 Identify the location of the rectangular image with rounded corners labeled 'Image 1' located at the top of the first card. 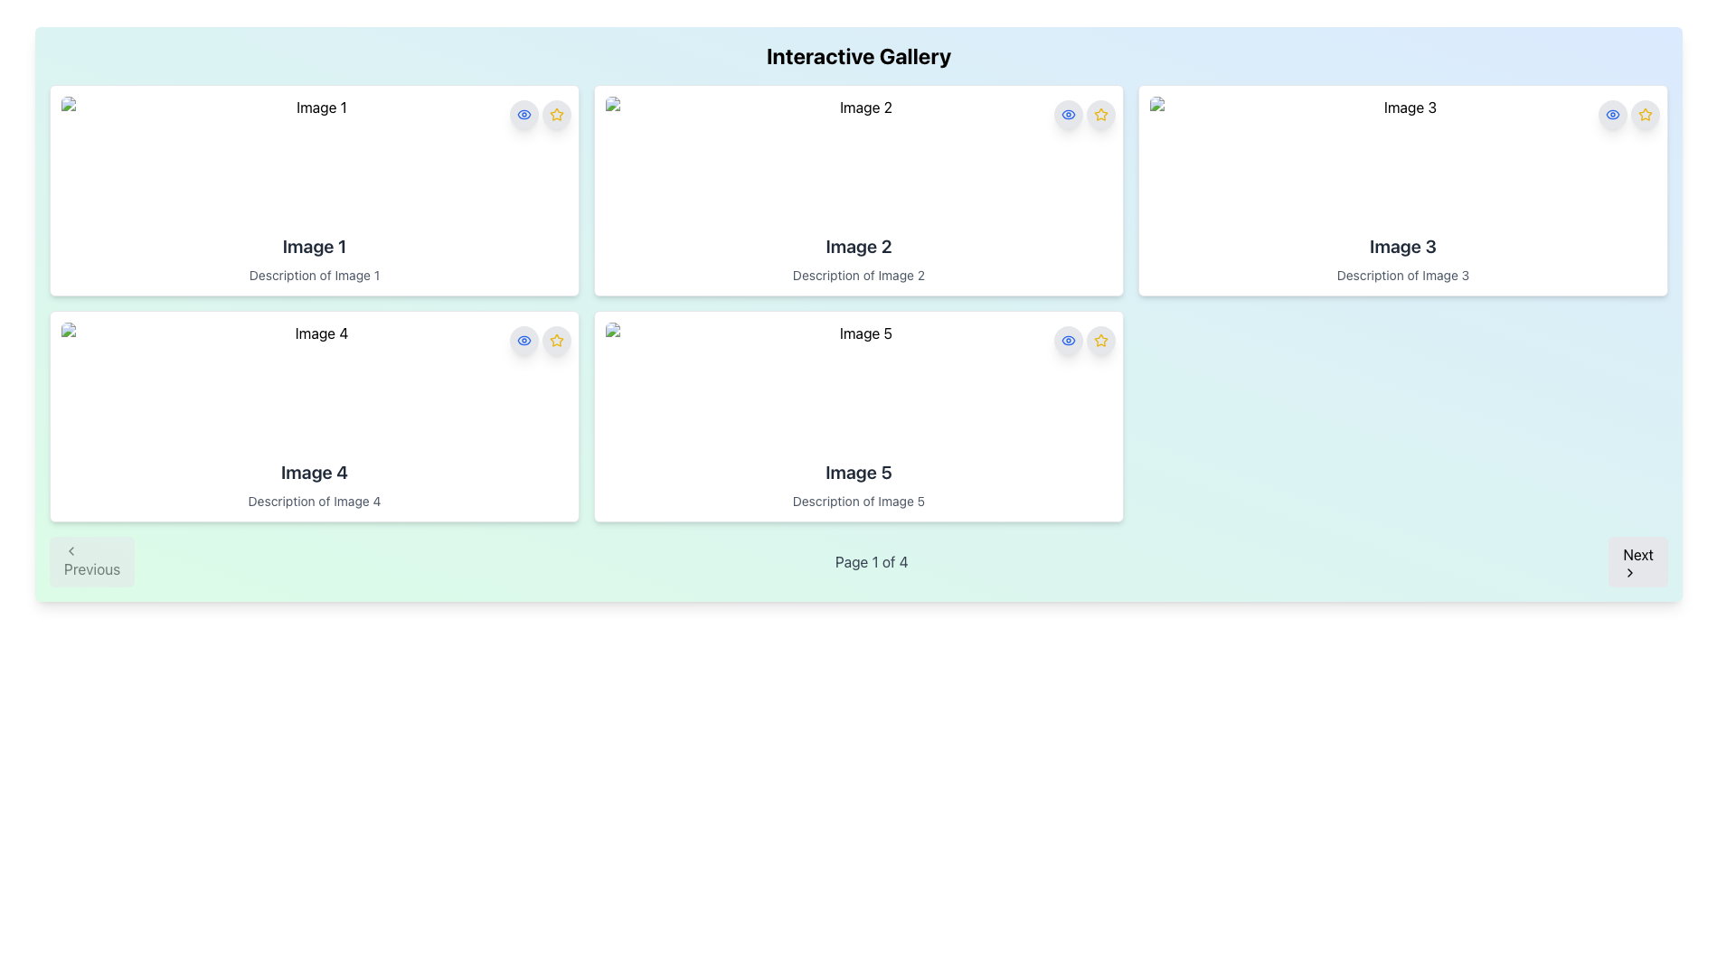
(314, 160).